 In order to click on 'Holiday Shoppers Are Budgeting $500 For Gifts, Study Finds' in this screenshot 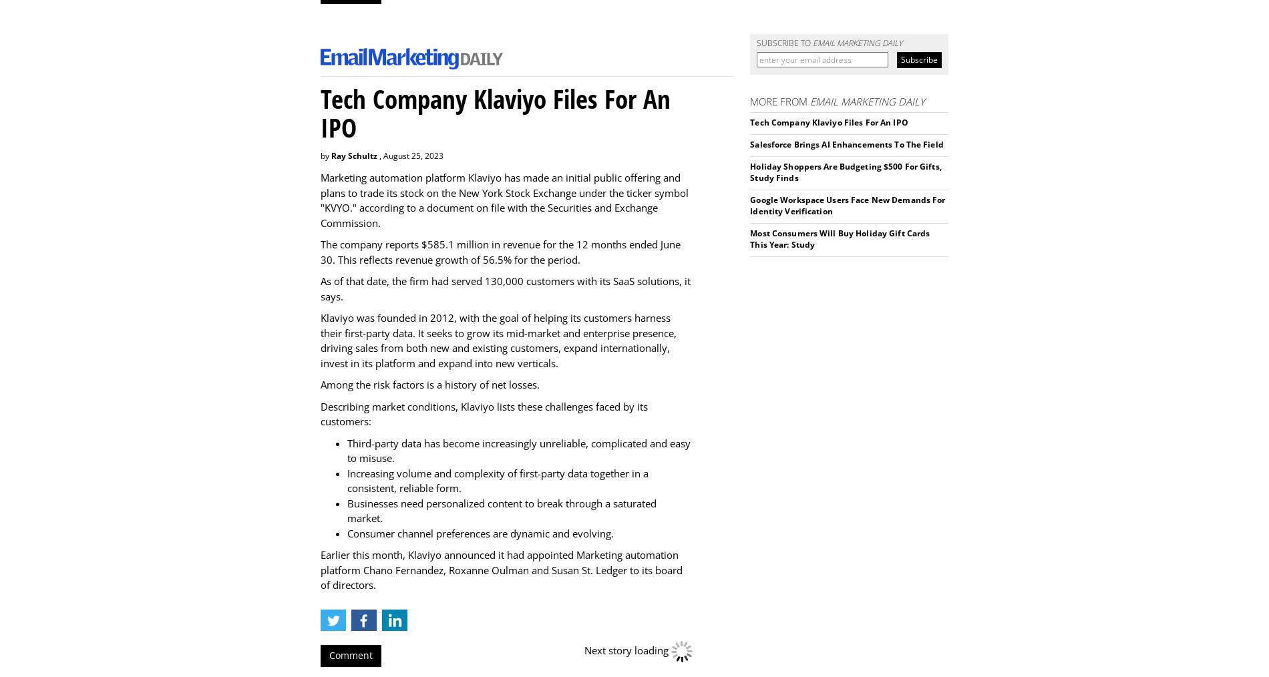, I will do `click(844, 172)`.